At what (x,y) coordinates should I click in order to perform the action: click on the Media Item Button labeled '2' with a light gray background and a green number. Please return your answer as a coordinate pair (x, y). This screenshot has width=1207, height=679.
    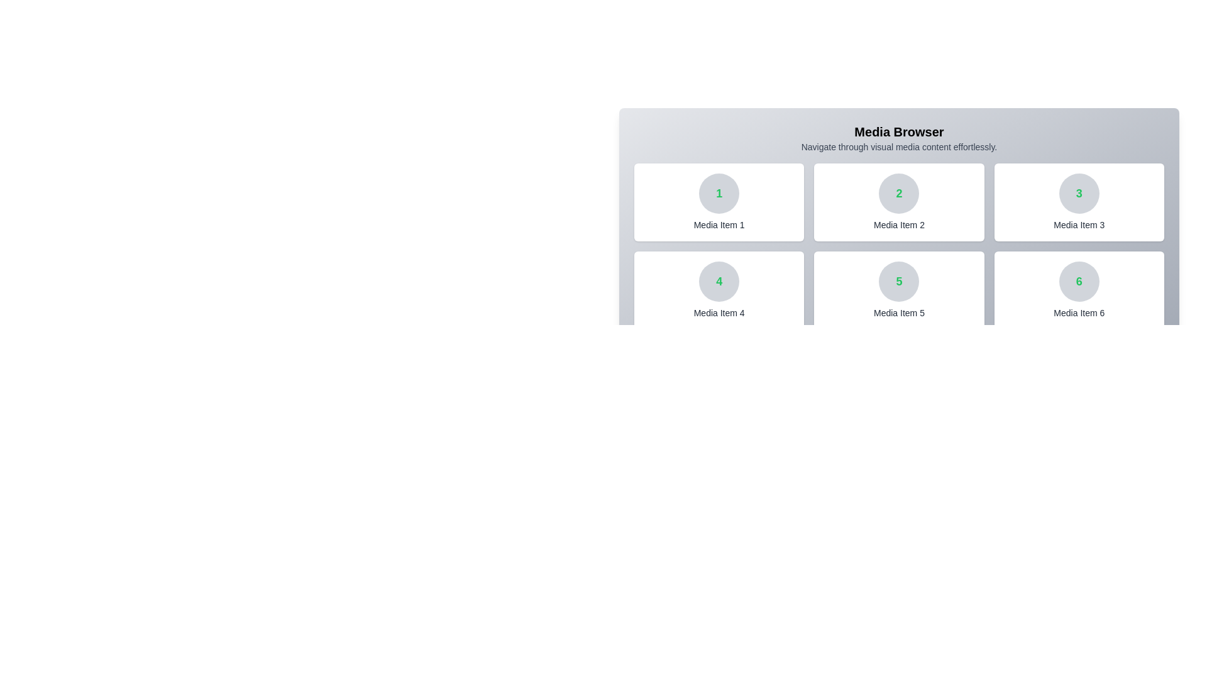
    Looking at the image, I should click on (898, 208).